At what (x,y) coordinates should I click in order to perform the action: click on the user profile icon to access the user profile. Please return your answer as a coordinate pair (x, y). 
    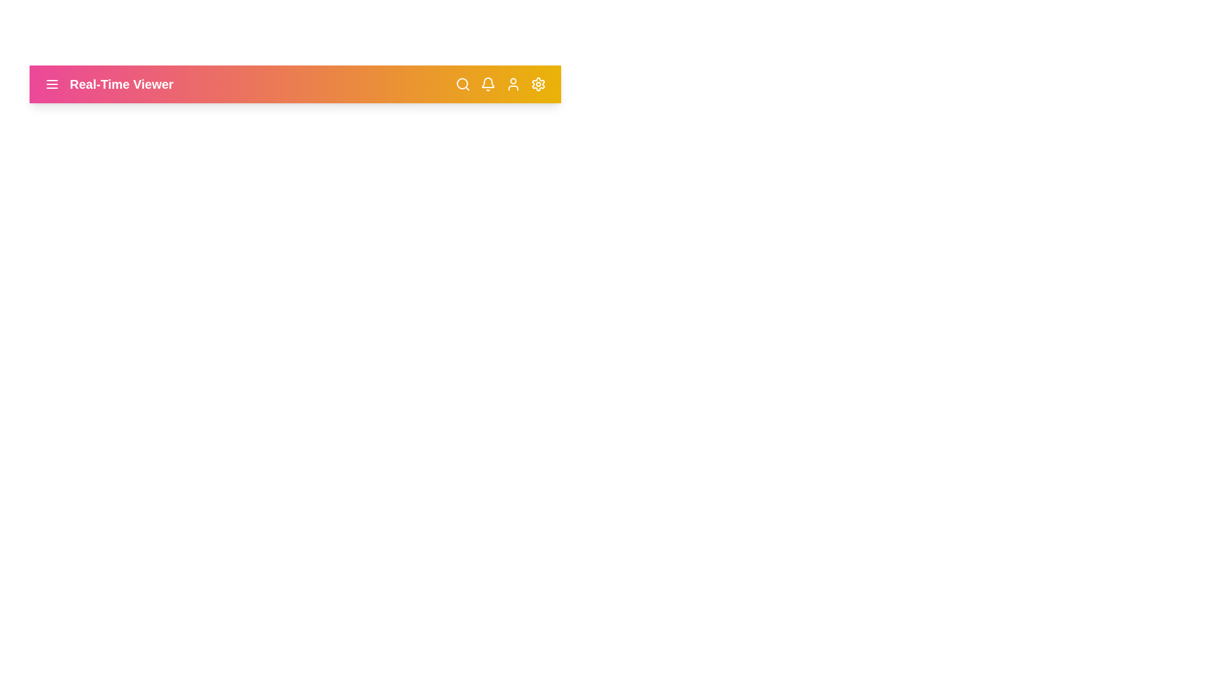
    Looking at the image, I should click on (513, 84).